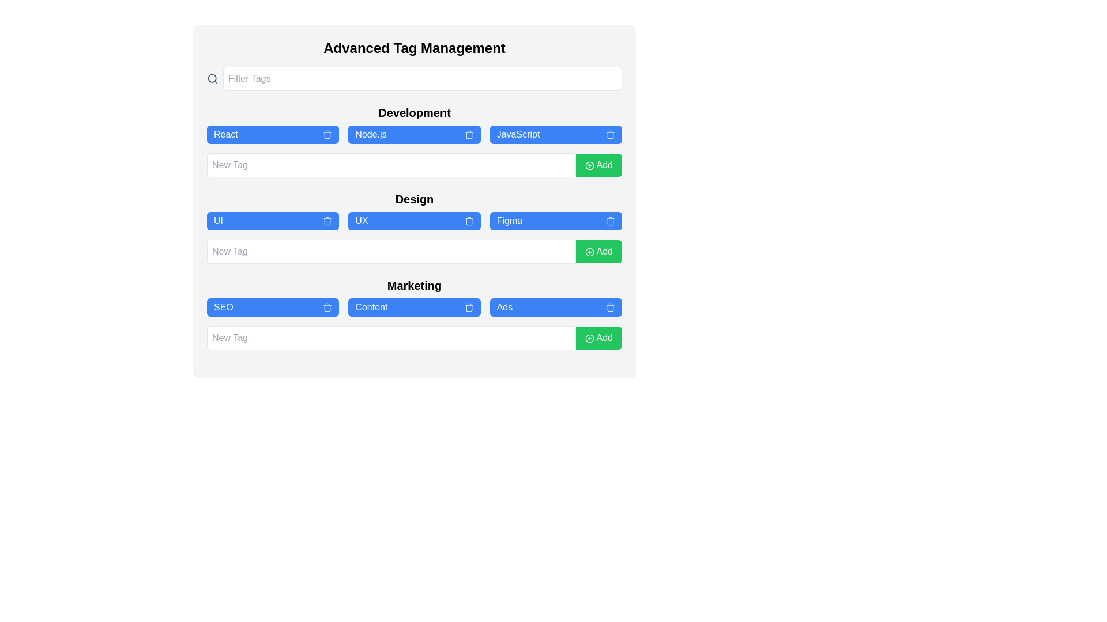 This screenshot has height=622, width=1107. Describe the element at coordinates (598, 337) in the screenshot. I see `the button used to add a new tag in the 'Marketing' category` at that location.